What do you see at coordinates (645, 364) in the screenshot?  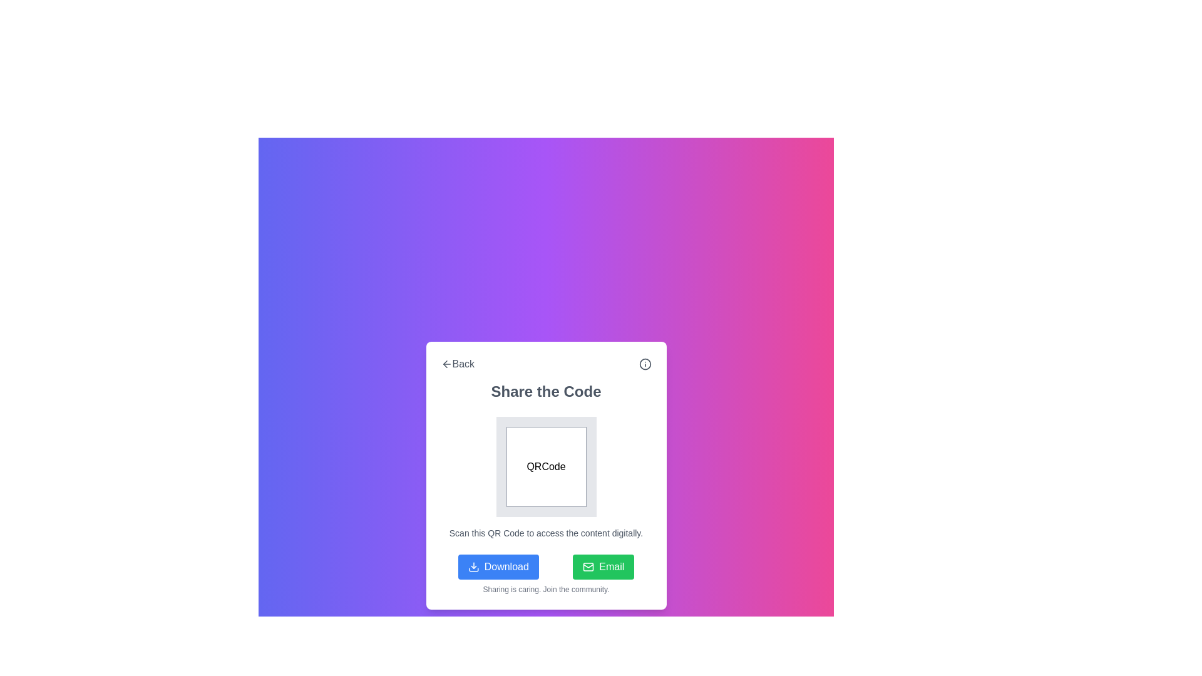 I see `the circle graphical element that is part of an SVG image located in the top-right corner of the modal window` at bounding box center [645, 364].